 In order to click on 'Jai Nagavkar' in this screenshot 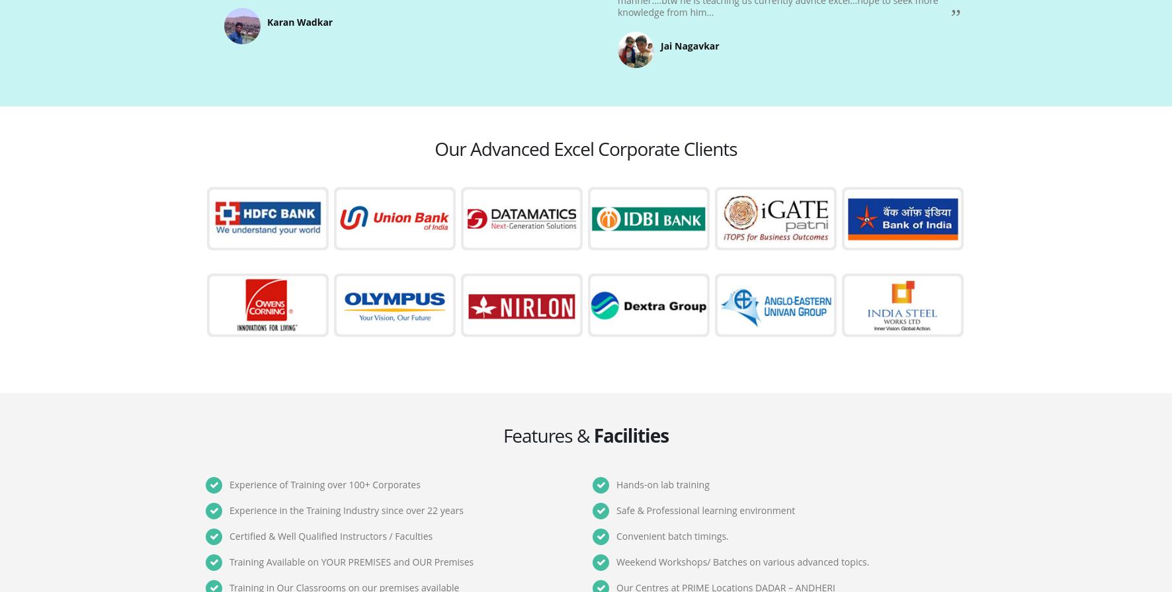, I will do `click(689, 46)`.